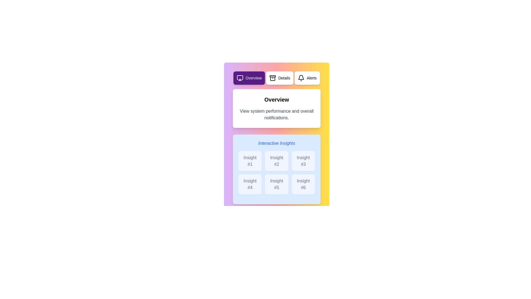 The width and height of the screenshot is (531, 299). Describe the element at coordinates (301, 78) in the screenshot. I see `the icon of the Alerts tab` at that location.